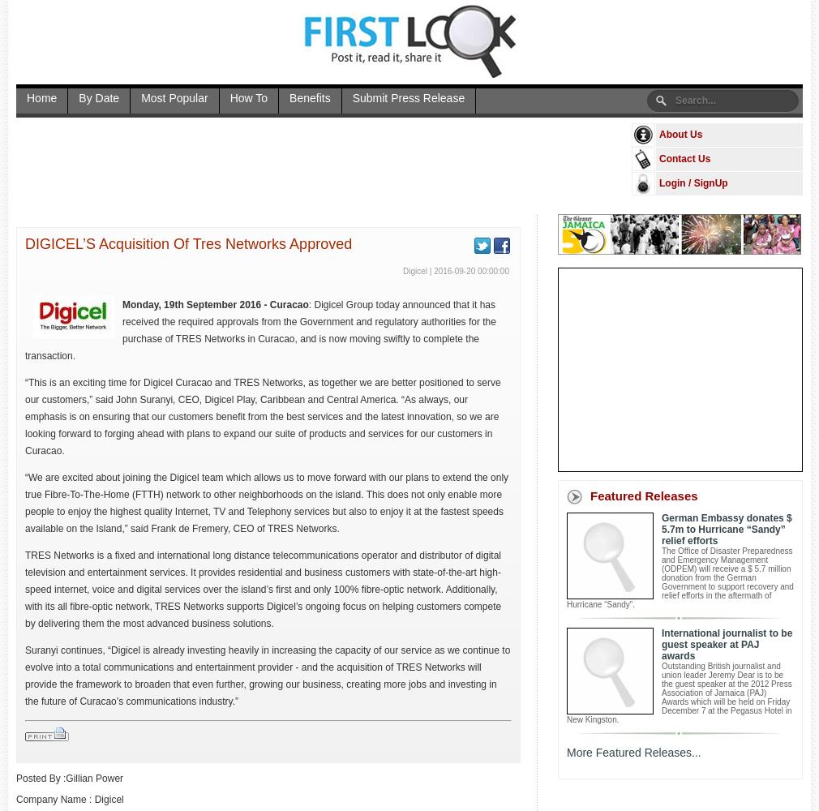 Image resolution: width=819 pixels, height=811 pixels. I want to click on 'About Us', so click(680, 135).